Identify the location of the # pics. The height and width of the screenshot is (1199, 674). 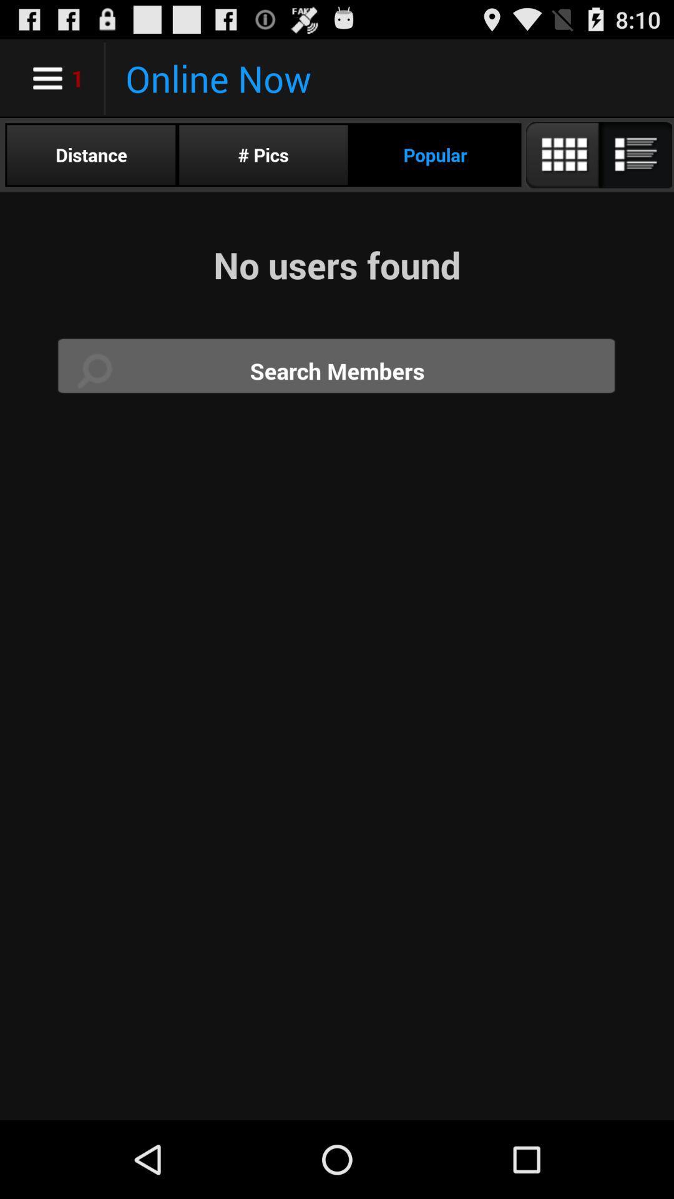
(263, 154).